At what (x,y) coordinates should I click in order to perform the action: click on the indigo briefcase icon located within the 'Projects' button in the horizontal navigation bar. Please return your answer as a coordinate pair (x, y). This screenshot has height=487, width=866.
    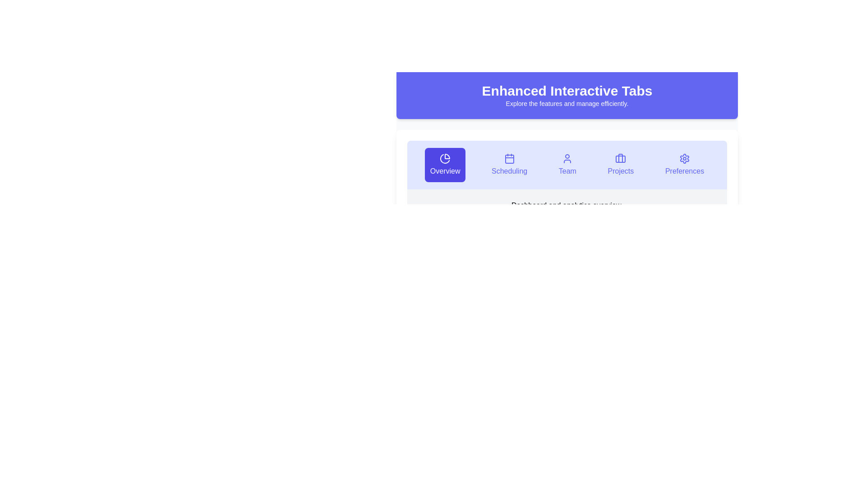
    Looking at the image, I should click on (620, 158).